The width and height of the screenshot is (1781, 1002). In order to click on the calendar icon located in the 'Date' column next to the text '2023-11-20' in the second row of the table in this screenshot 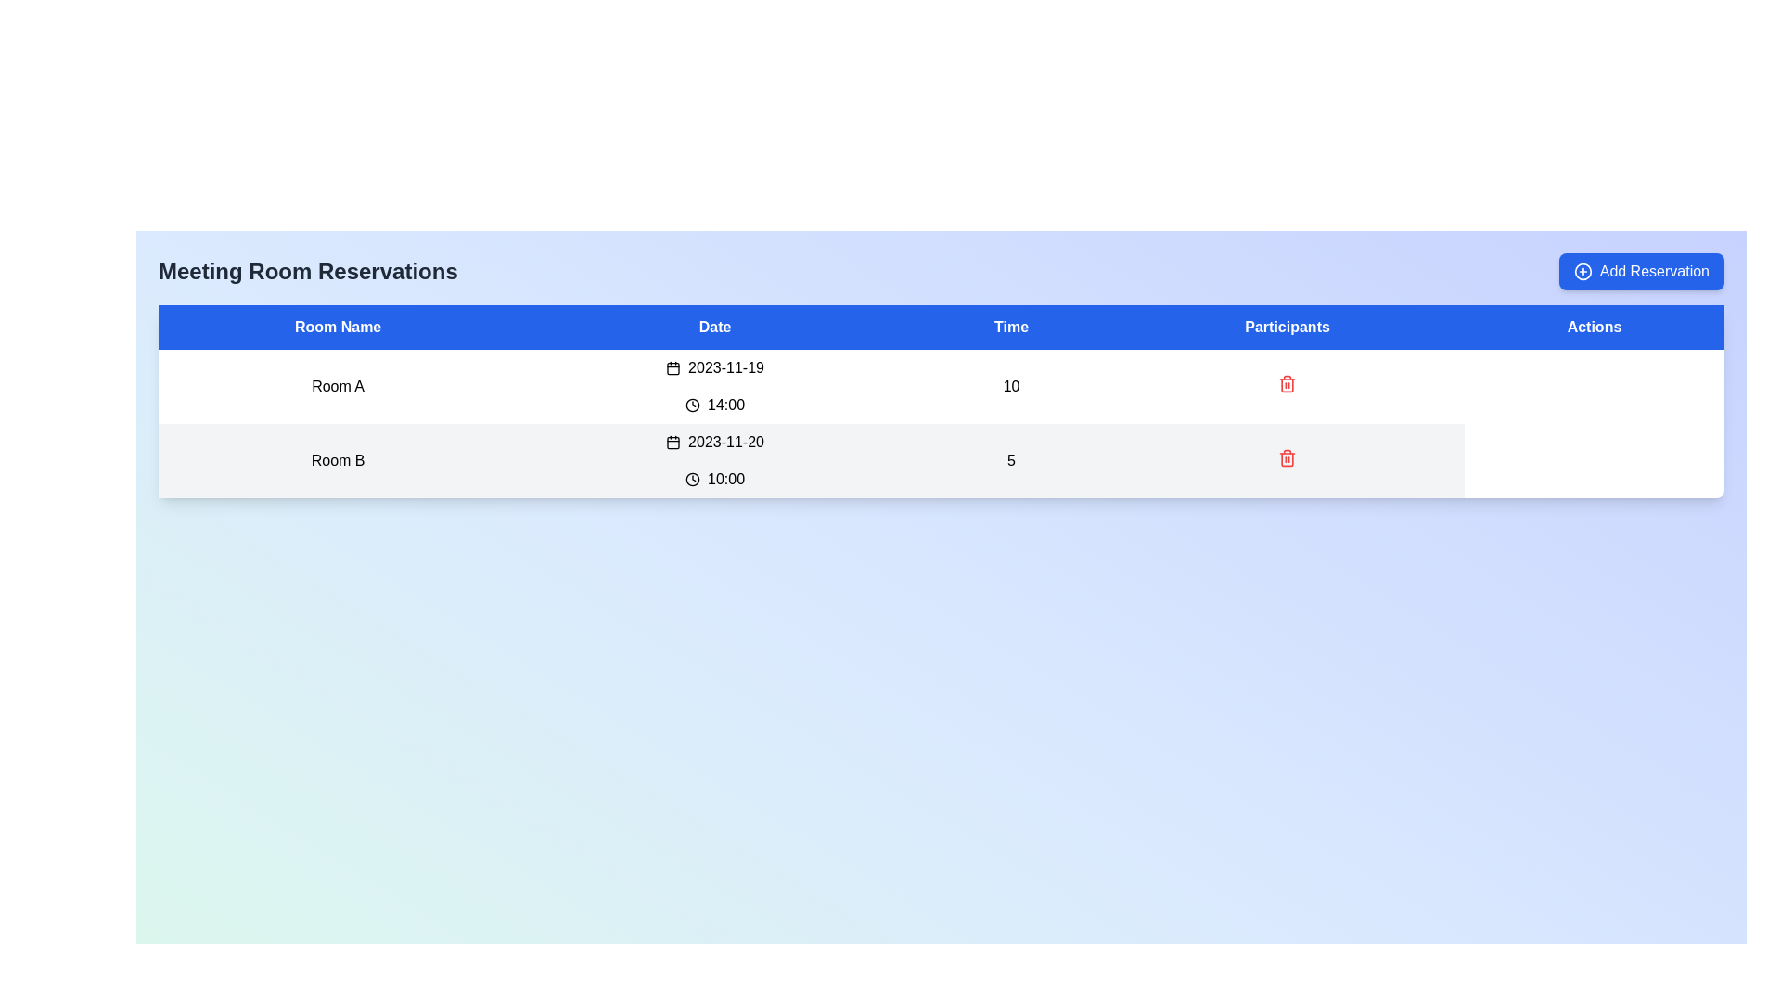, I will do `click(673, 443)`.